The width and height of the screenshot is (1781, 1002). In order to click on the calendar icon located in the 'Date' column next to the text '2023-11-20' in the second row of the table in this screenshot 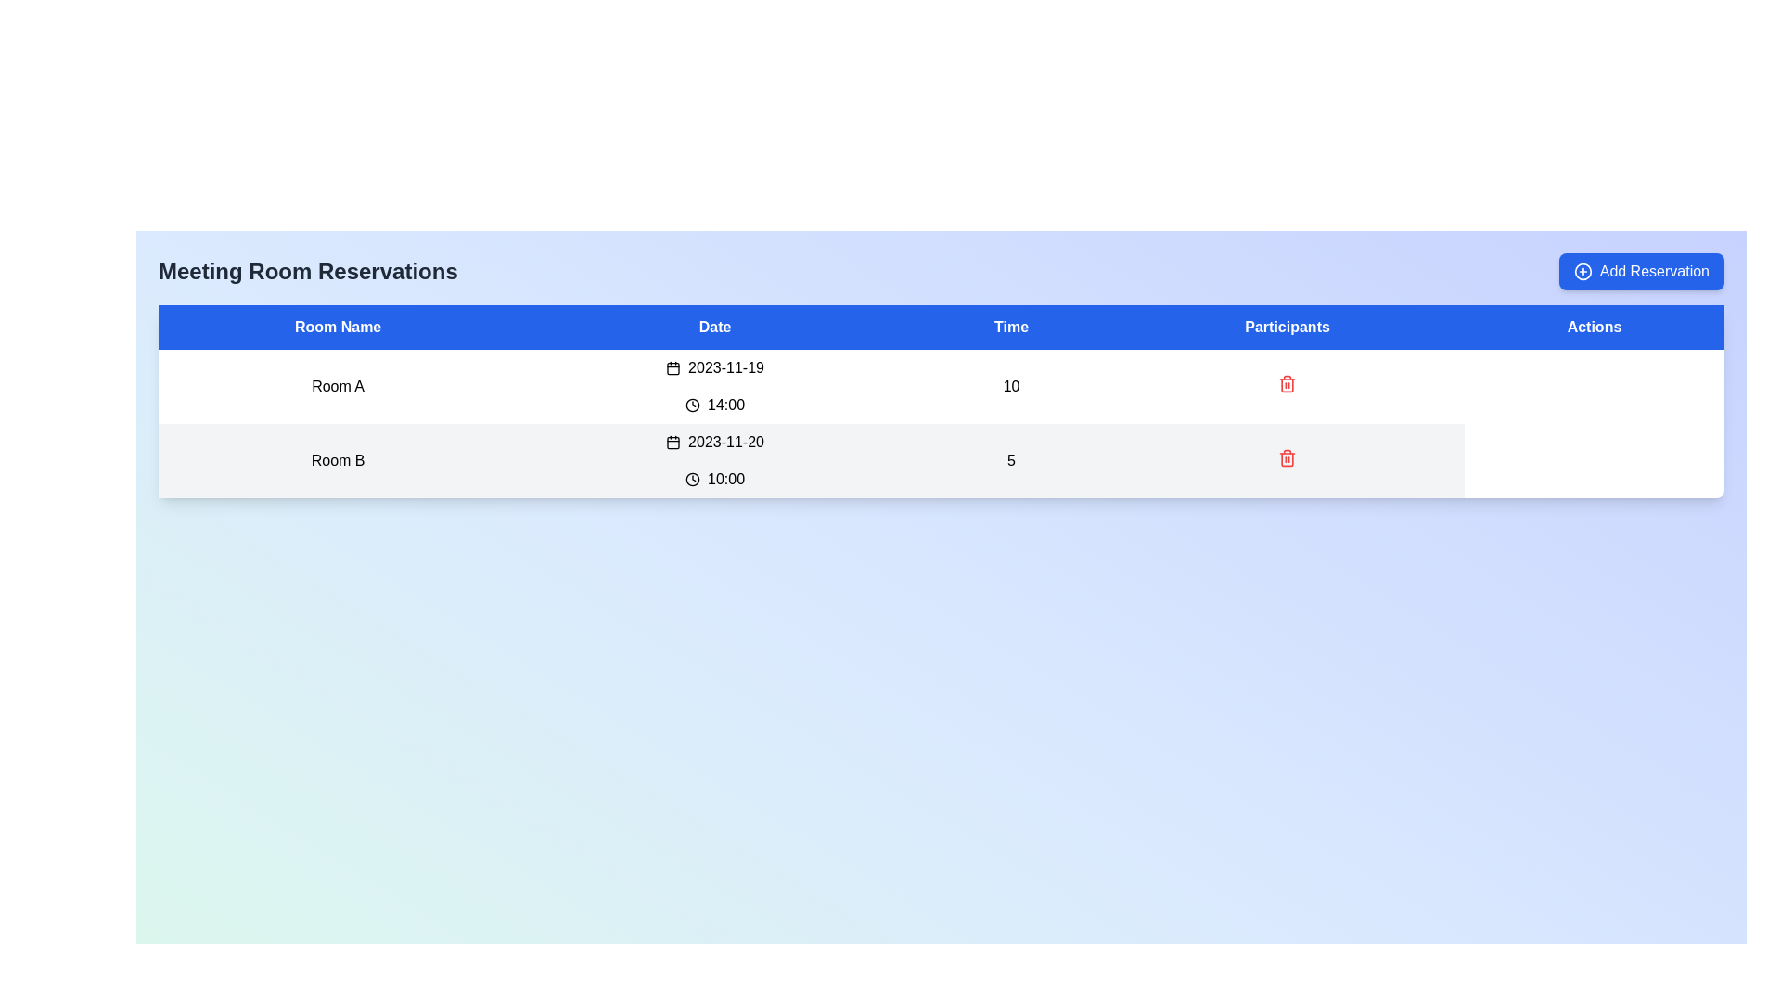, I will do `click(673, 443)`.